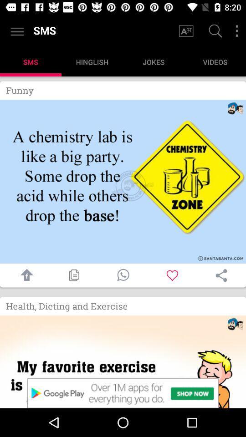  What do you see at coordinates (123, 361) in the screenshot?
I see `advatisment` at bounding box center [123, 361].